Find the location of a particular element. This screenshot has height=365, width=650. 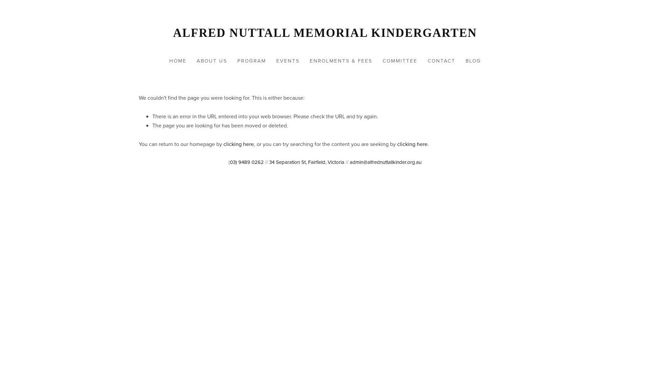

'ENROLMENTS & FEES' is located at coordinates (341, 61).